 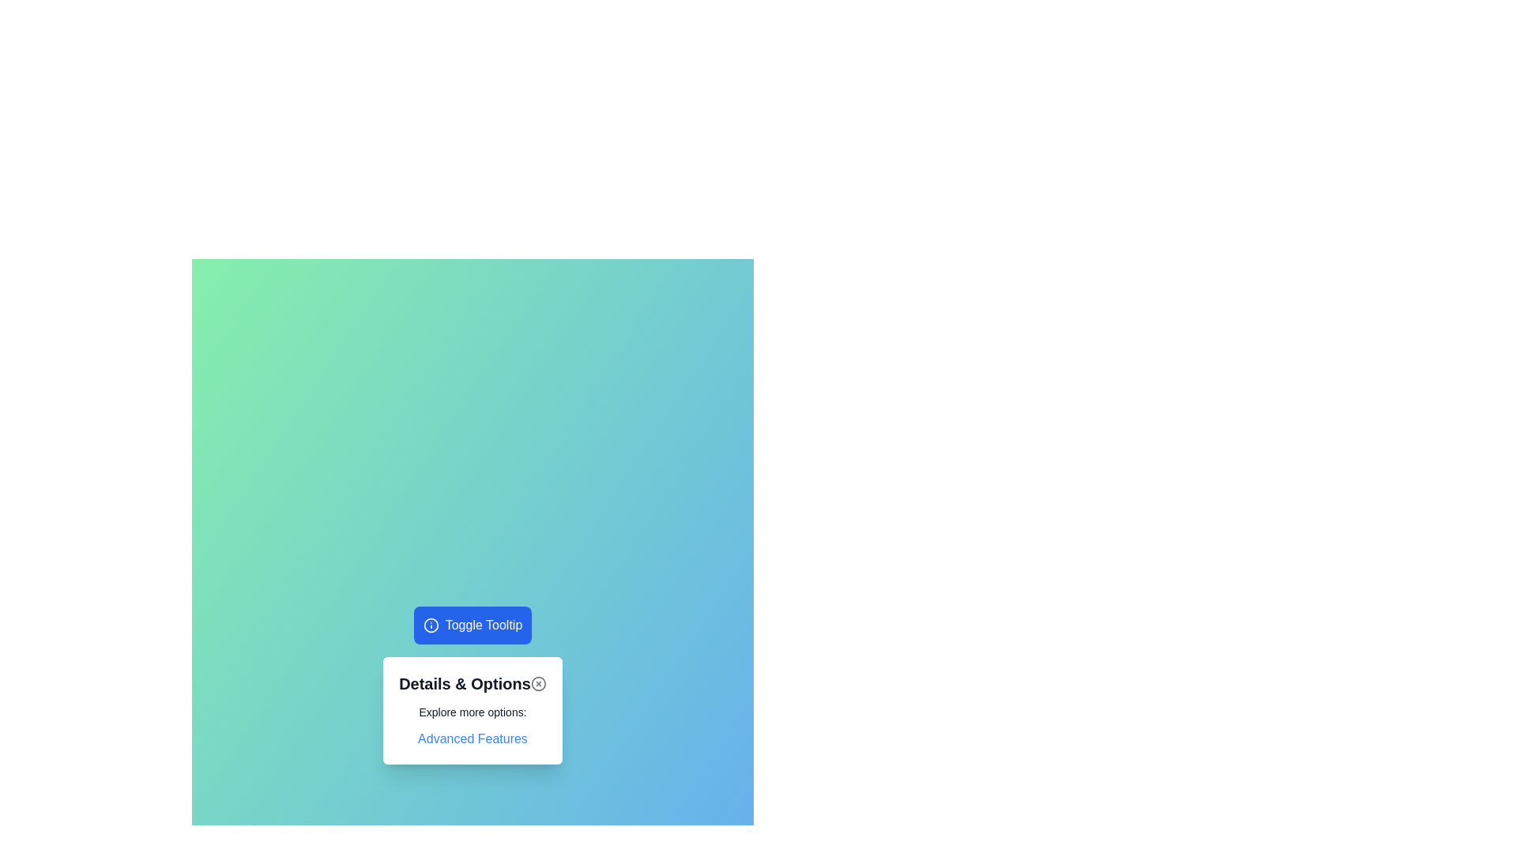 I want to click on the circular icon with a blue outline that is part of the 'Toggle Tooltip' button located near the top-center of the interface, so click(x=431, y=624).